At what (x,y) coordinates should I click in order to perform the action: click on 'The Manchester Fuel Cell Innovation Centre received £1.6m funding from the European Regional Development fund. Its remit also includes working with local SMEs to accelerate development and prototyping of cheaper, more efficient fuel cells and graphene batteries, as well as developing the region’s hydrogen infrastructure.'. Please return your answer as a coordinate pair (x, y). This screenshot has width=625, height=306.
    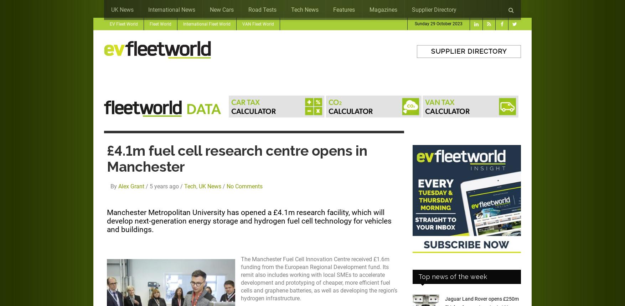
    Looking at the image, I should click on (319, 279).